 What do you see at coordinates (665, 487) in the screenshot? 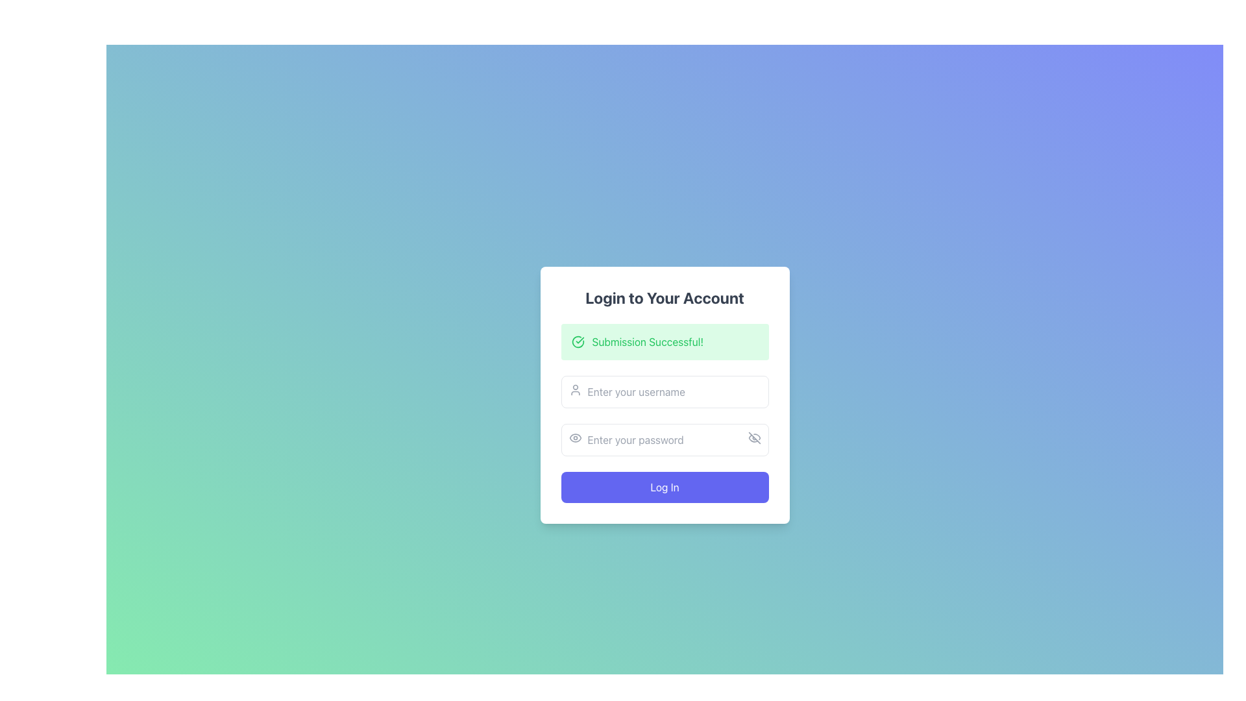
I see `the login button located at the bottom of the card layout to trigger the hover effects` at bounding box center [665, 487].